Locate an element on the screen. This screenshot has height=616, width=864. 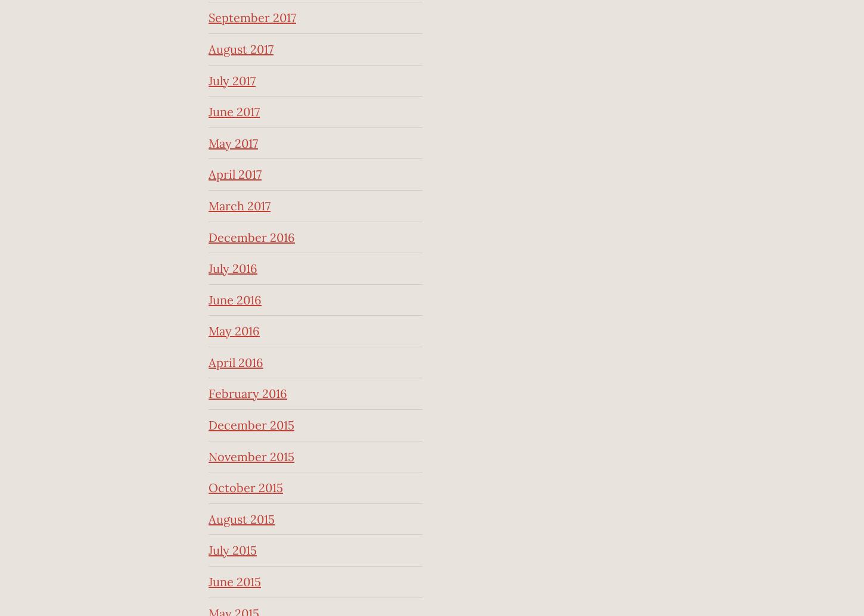
'December 2016' is located at coordinates (251, 236).